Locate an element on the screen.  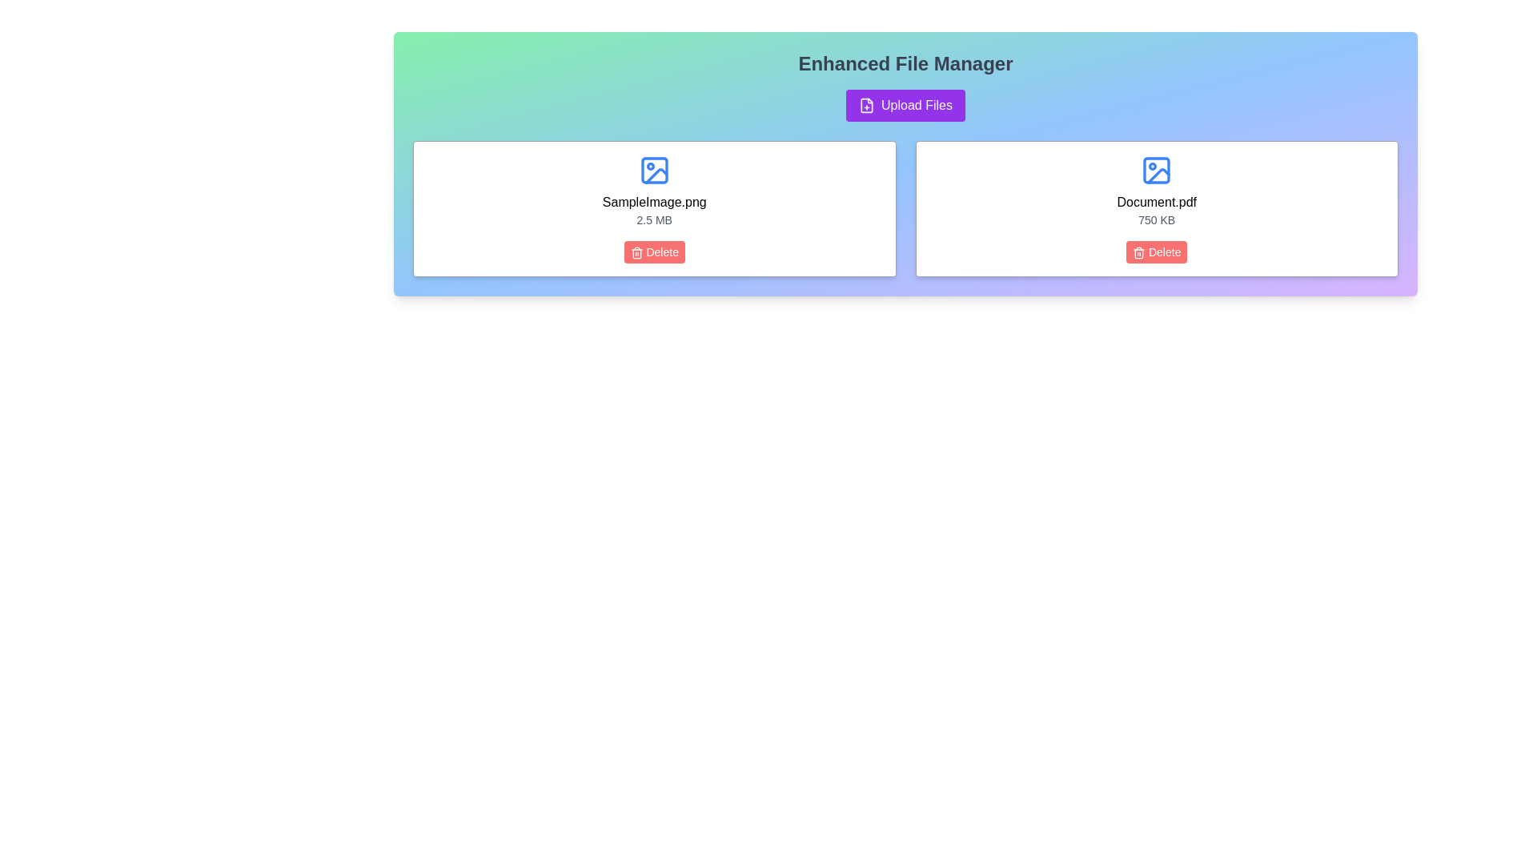
the 'Upload Files' button, which is a rectangular button with a vibrant purple background and white text, to initiate the file upload dialog is located at coordinates (905, 105).